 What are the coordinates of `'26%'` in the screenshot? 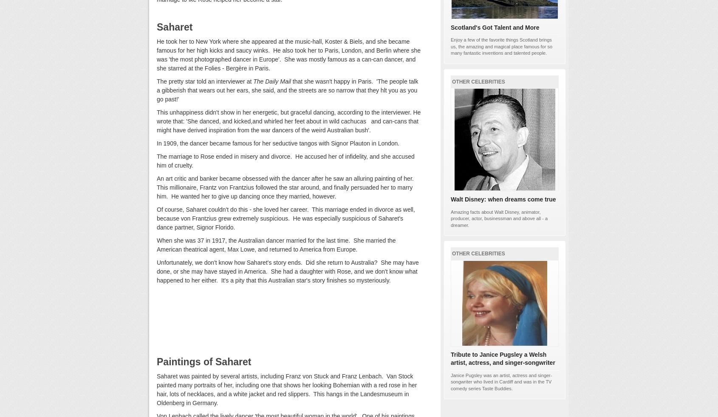 It's located at (460, 268).